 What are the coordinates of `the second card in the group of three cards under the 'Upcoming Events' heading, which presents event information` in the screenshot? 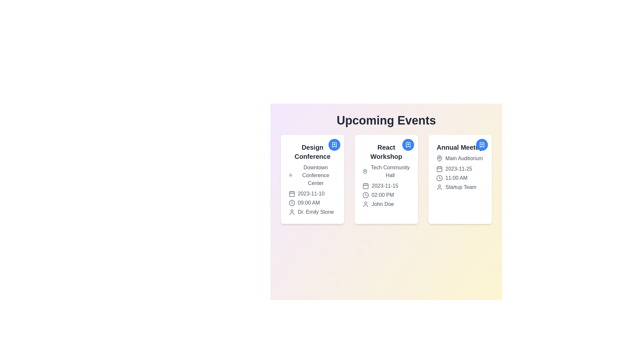 It's located at (386, 179).